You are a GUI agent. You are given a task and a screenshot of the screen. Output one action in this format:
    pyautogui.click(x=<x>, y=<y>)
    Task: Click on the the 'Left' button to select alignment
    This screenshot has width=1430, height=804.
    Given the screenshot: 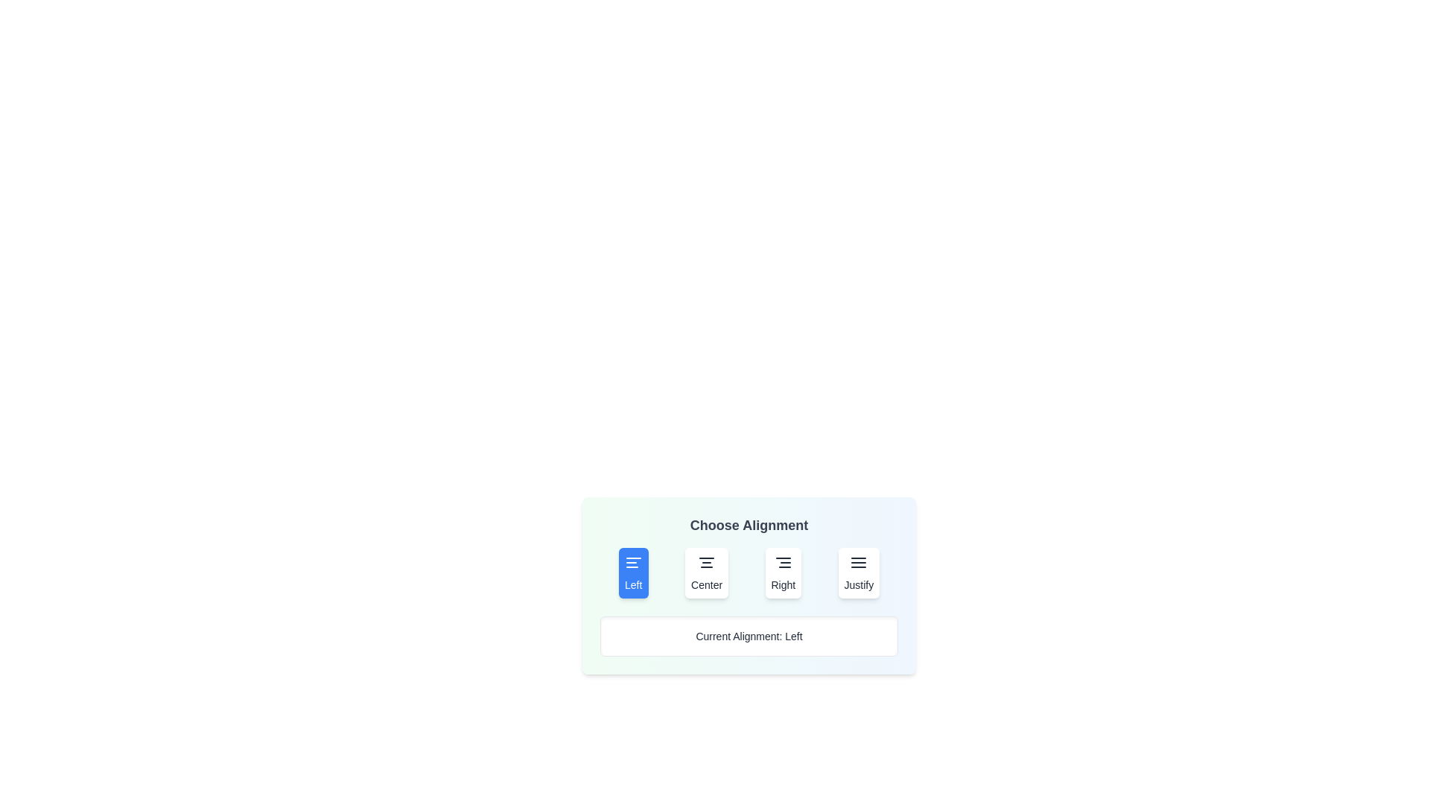 What is the action you would take?
    pyautogui.click(x=633, y=572)
    